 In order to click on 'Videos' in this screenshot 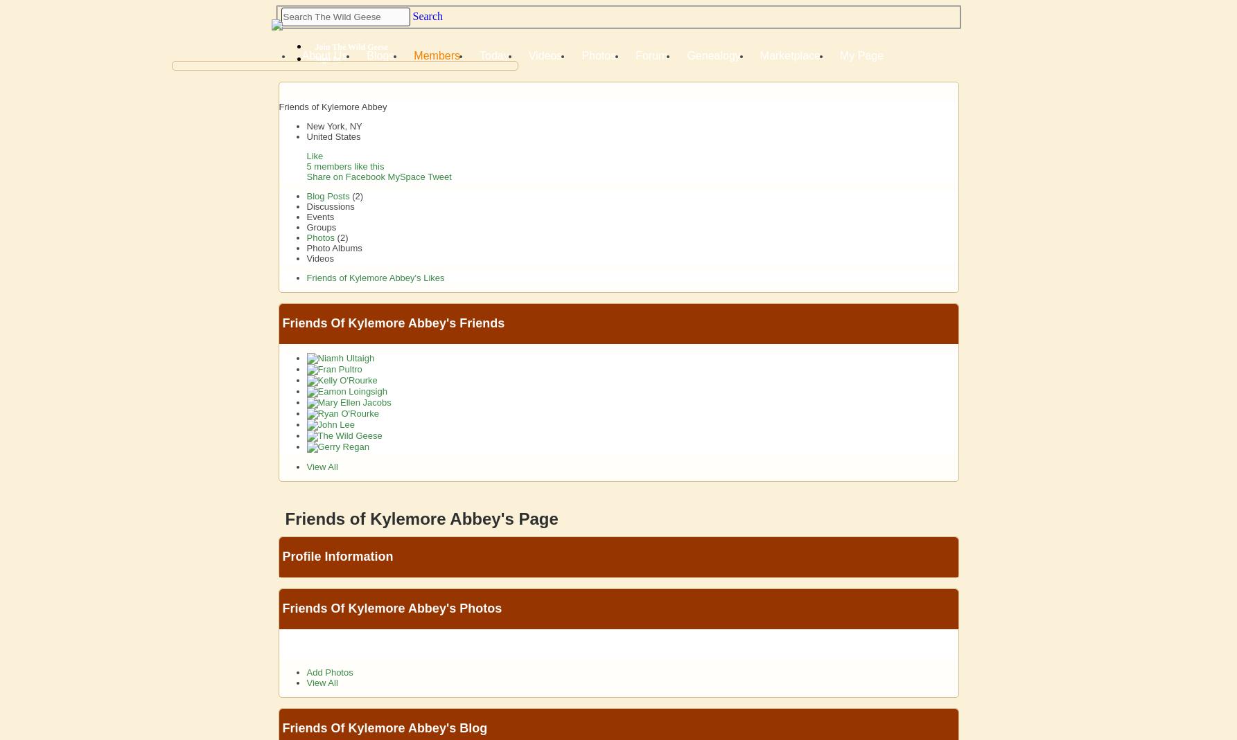, I will do `click(319, 258)`.